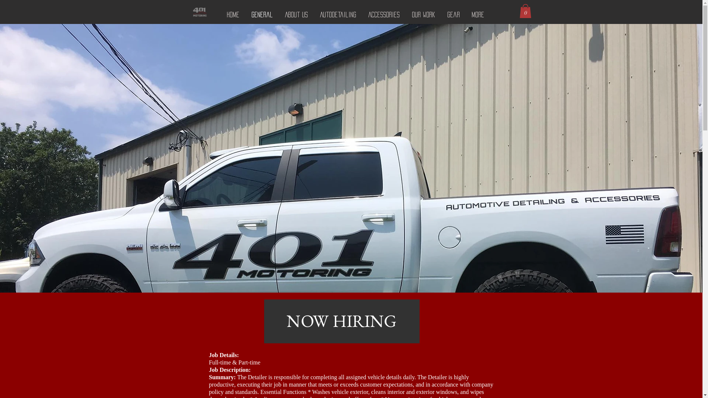 The image size is (708, 398). What do you see at coordinates (246, 301) in the screenshot?
I see `'NOW HIRING'` at bounding box center [246, 301].